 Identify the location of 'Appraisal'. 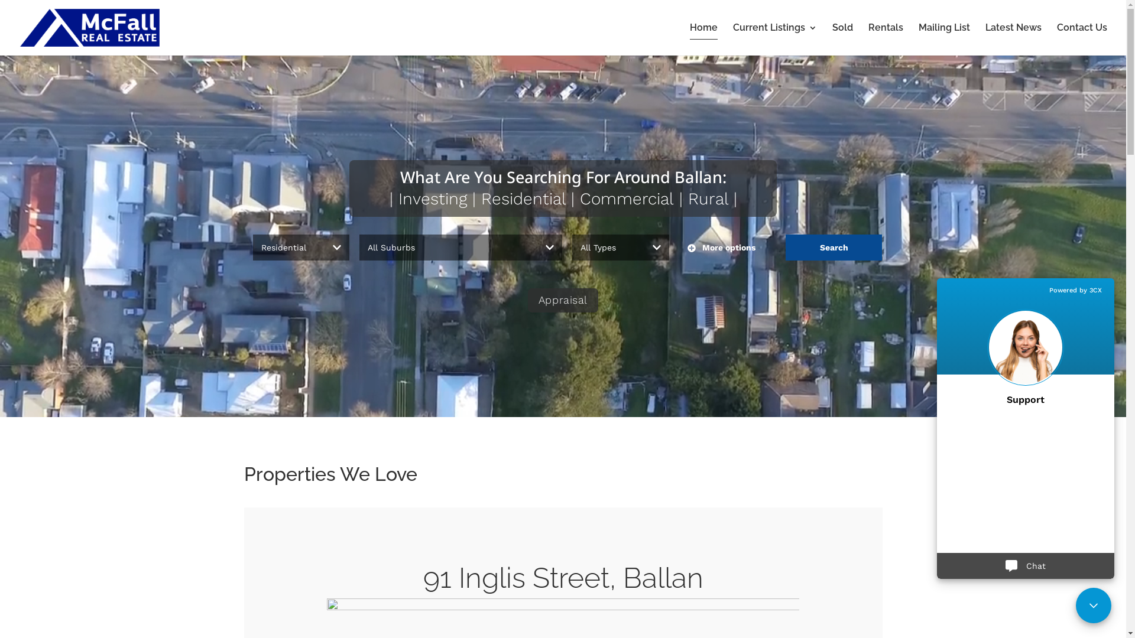
(562, 300).